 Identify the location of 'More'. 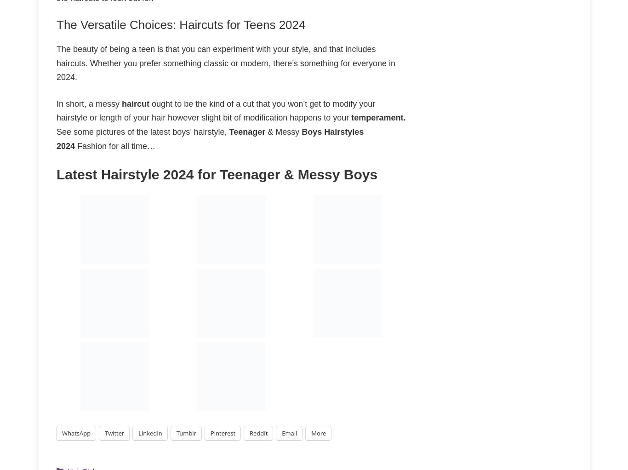
(318, 433).